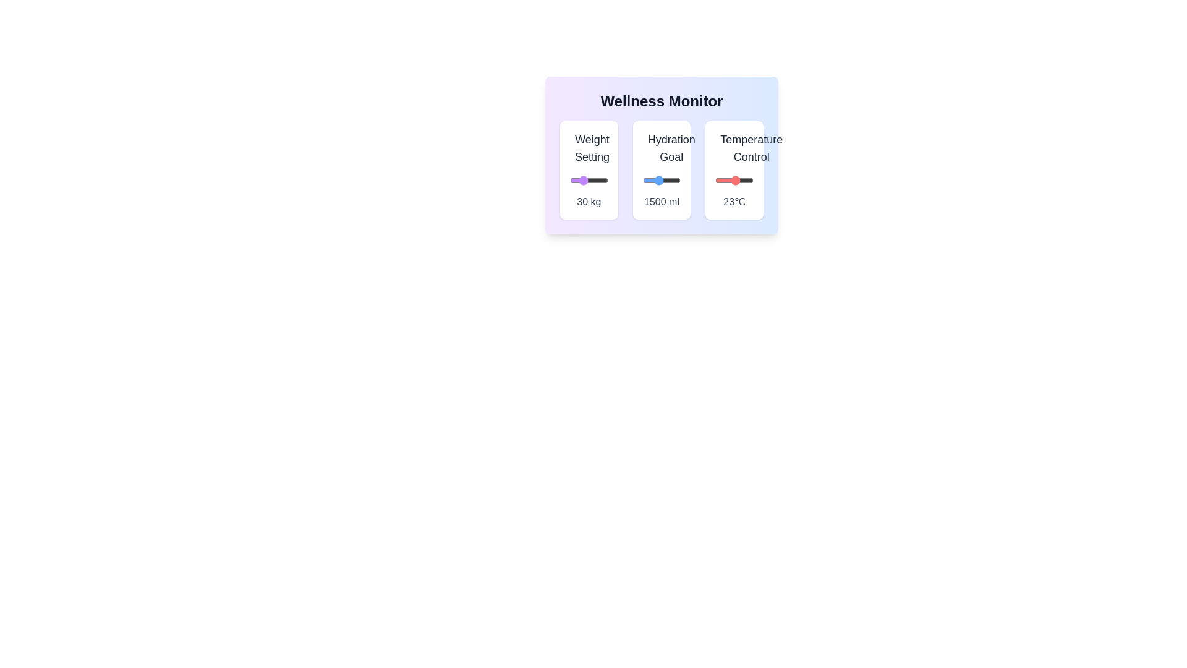  What do you see at coordinates (751, 147) in the screenshot?
I see `the descriptive text label indicating temperature regulation in the 'Temperature Control' section of the 'Wellness Monitor' interface` at bounding box center [751, 147].